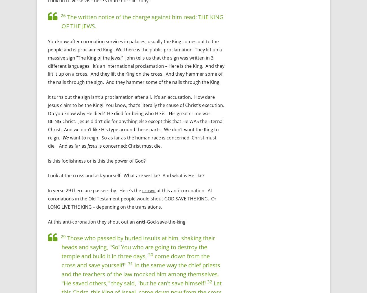 This screenshot has height=293, width=367. I want to click on 'come down from the cross and save yourself!"', so click(135, 261).